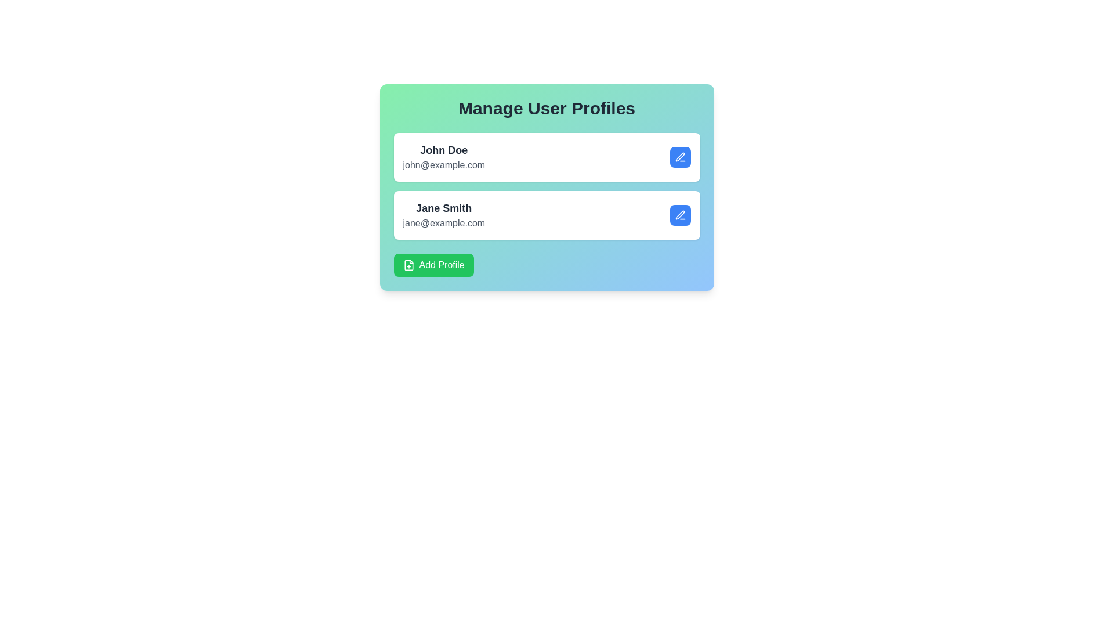 The height and width of the screenshot is (627, 1114). I want to click on the user name label displayed at the top-left corner of the first user profile card, which is positioned above the email address 'john@example.com', so click(443, 149).